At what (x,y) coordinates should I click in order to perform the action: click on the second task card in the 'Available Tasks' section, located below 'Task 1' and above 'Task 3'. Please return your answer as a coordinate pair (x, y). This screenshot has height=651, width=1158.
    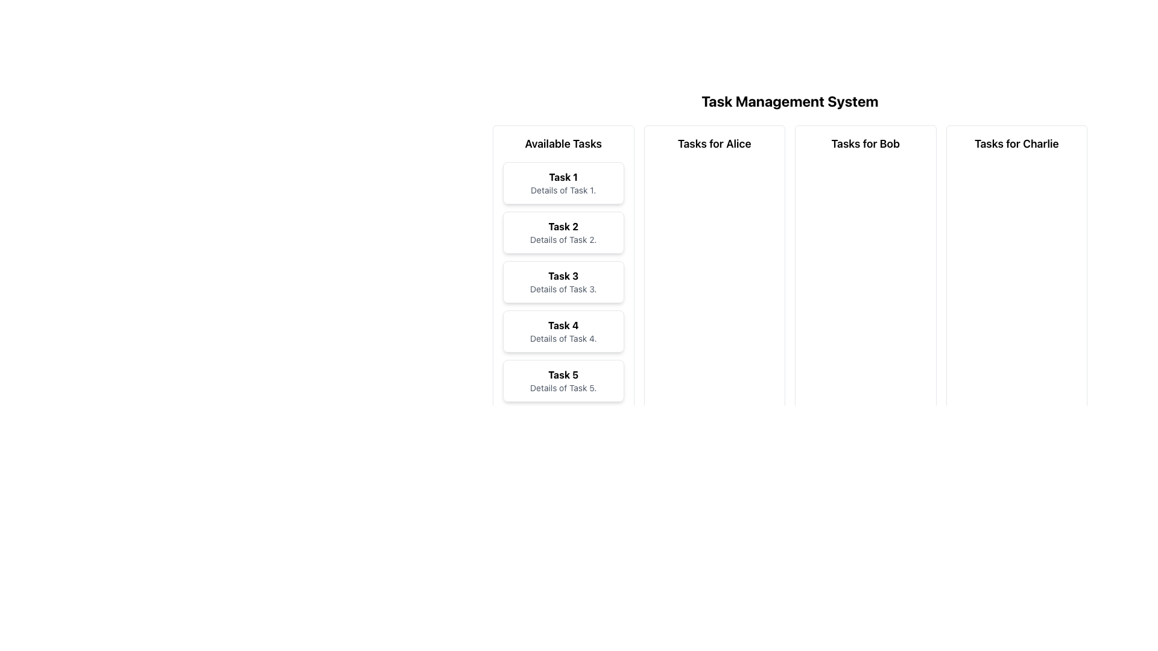
    Looking at the image, I should click on (563, 232).